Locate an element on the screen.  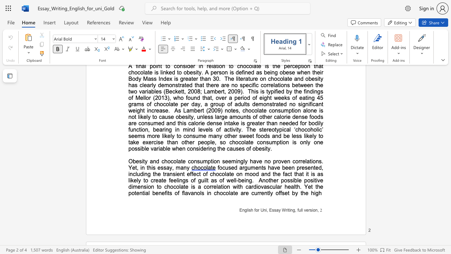
the subset text "emingly h" within the text "seemingly have" is located at coordinates (228, 161).